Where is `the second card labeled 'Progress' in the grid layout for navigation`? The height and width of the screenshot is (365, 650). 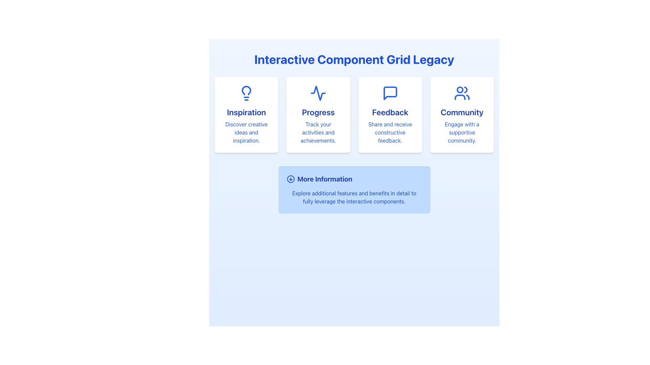
the second card labeled 'Progress' in the grid layout for navigation is located at coordinates (354, 114).